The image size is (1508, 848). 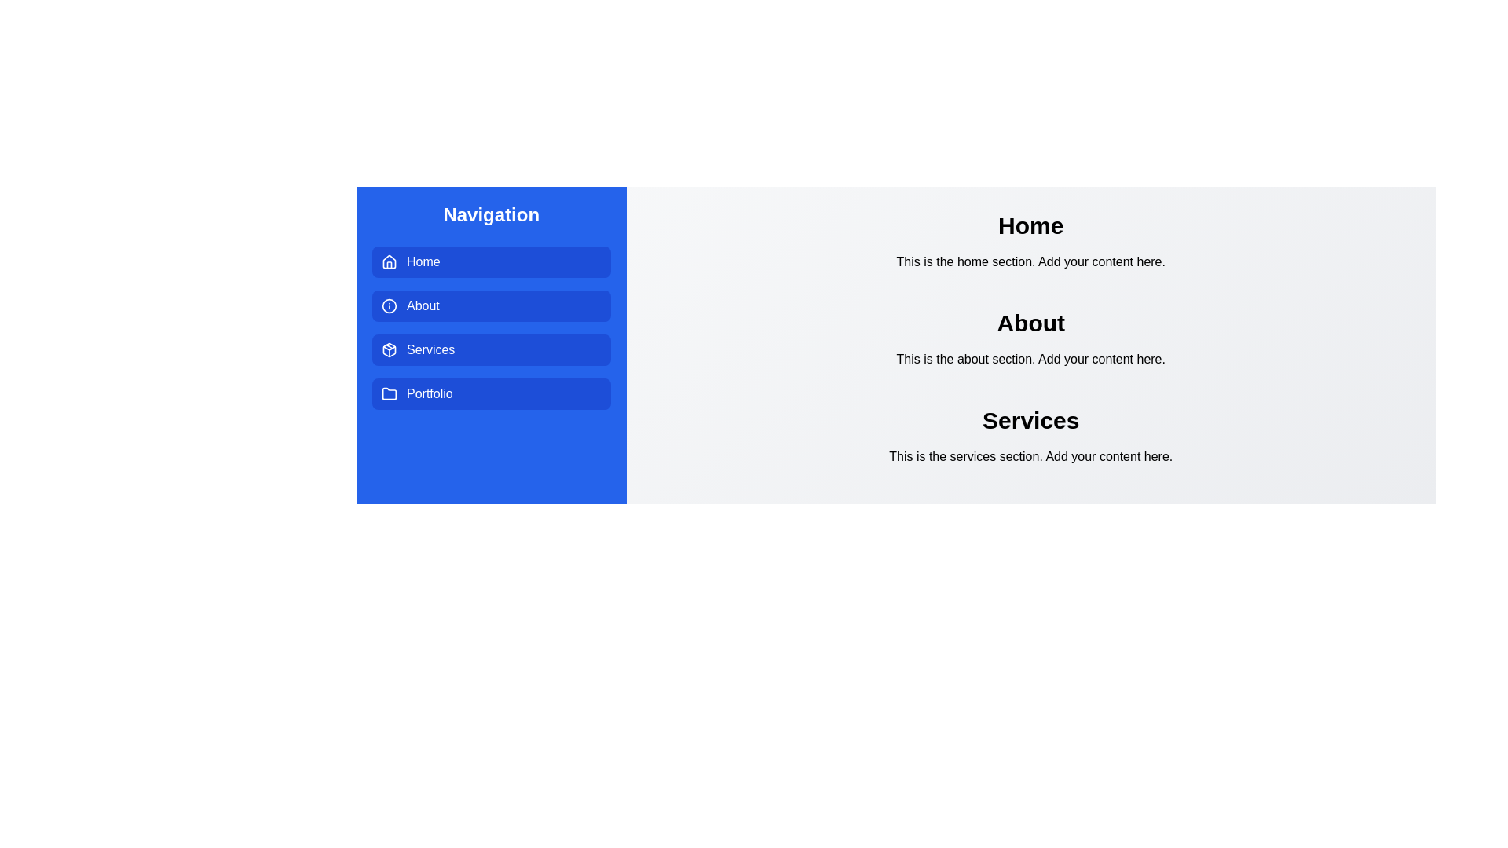 What do you see at coordinates (389, 260) in the screenshot?
I see `the 'Home' navigation icon located at the top of the vertical navigation menu on the left side of the interface` at bounding box center [389, 260].